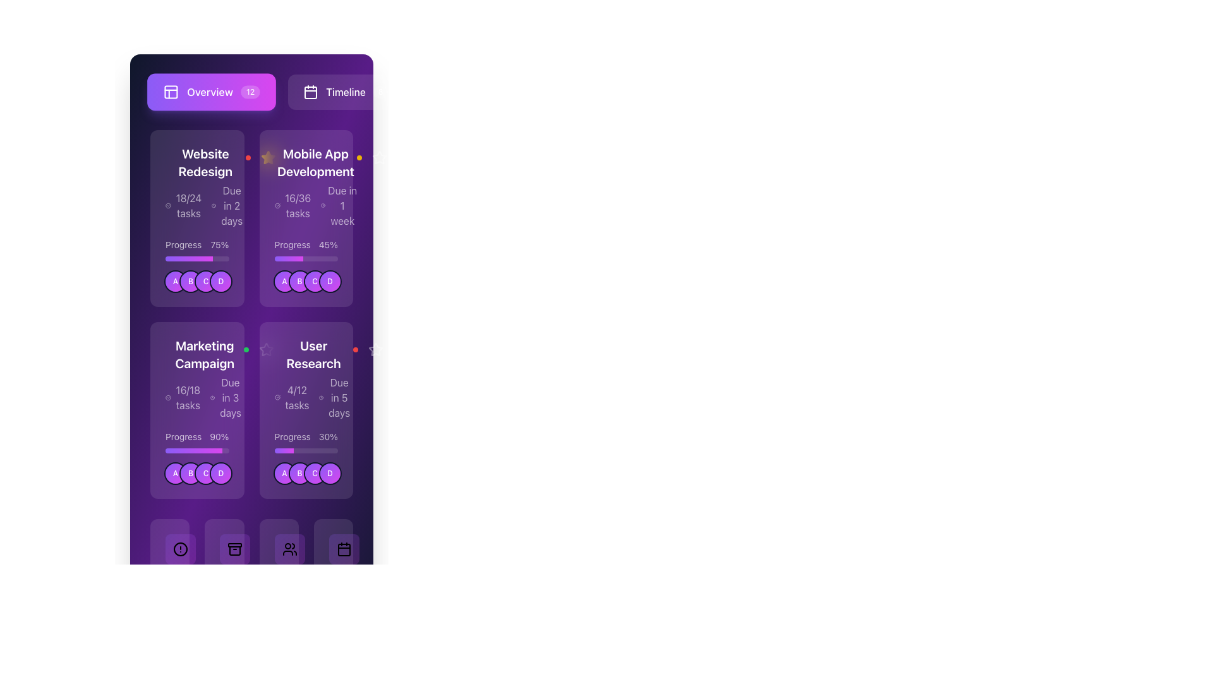 This screenshot has width=1213, height=682. I want to click on the static text label displaying 'Due in 5 days', which is part of the 'User Research' card and located below the task progress bar, so click(339, 397).